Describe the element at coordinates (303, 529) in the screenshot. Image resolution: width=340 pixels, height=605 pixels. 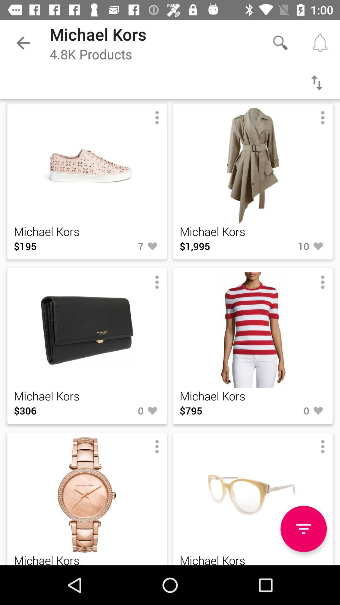
I see `item above the michael kors` at that location.